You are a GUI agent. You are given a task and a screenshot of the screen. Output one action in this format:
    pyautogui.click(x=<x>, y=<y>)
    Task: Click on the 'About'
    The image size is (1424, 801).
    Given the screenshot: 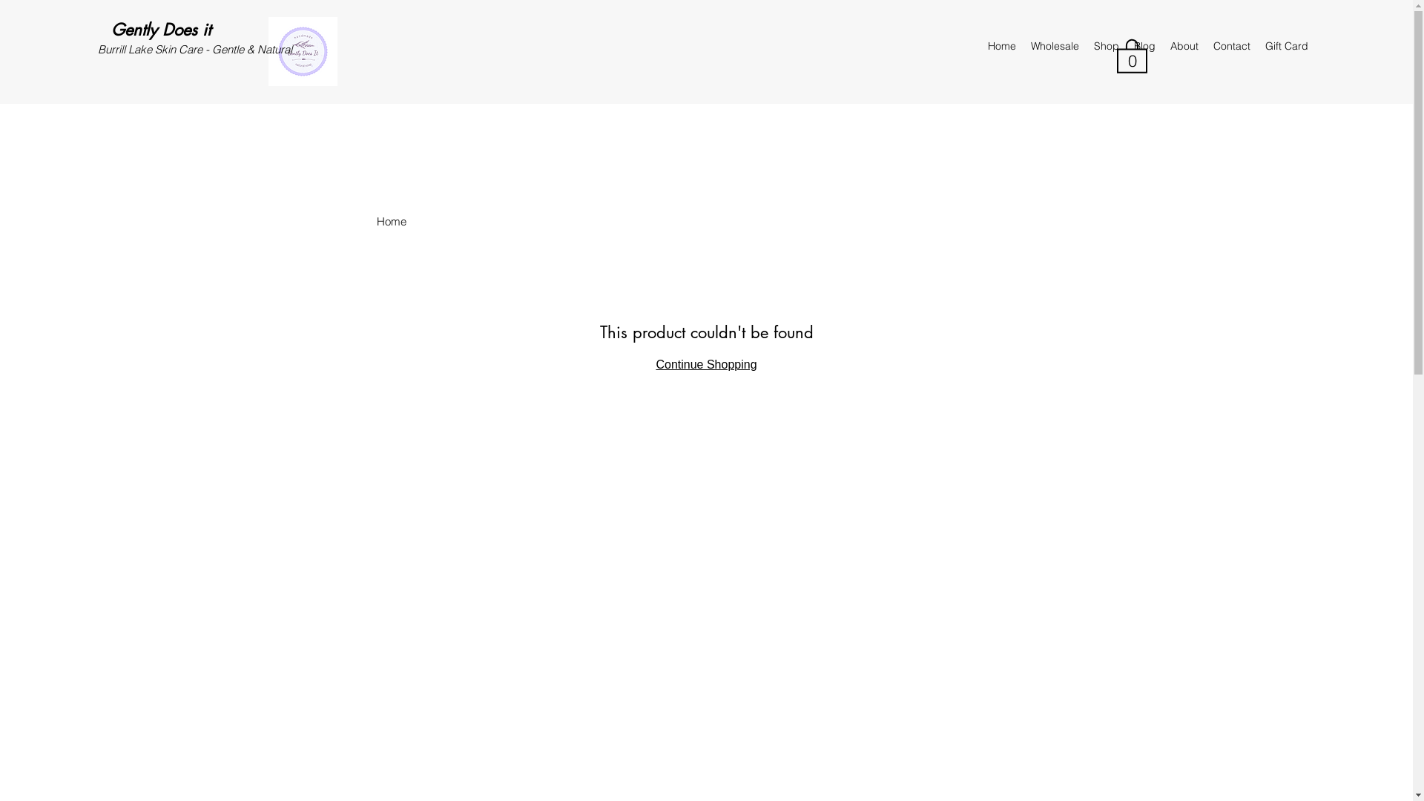 What is the action you would take?
    pyautogui.click(x=1184, y=44)
    